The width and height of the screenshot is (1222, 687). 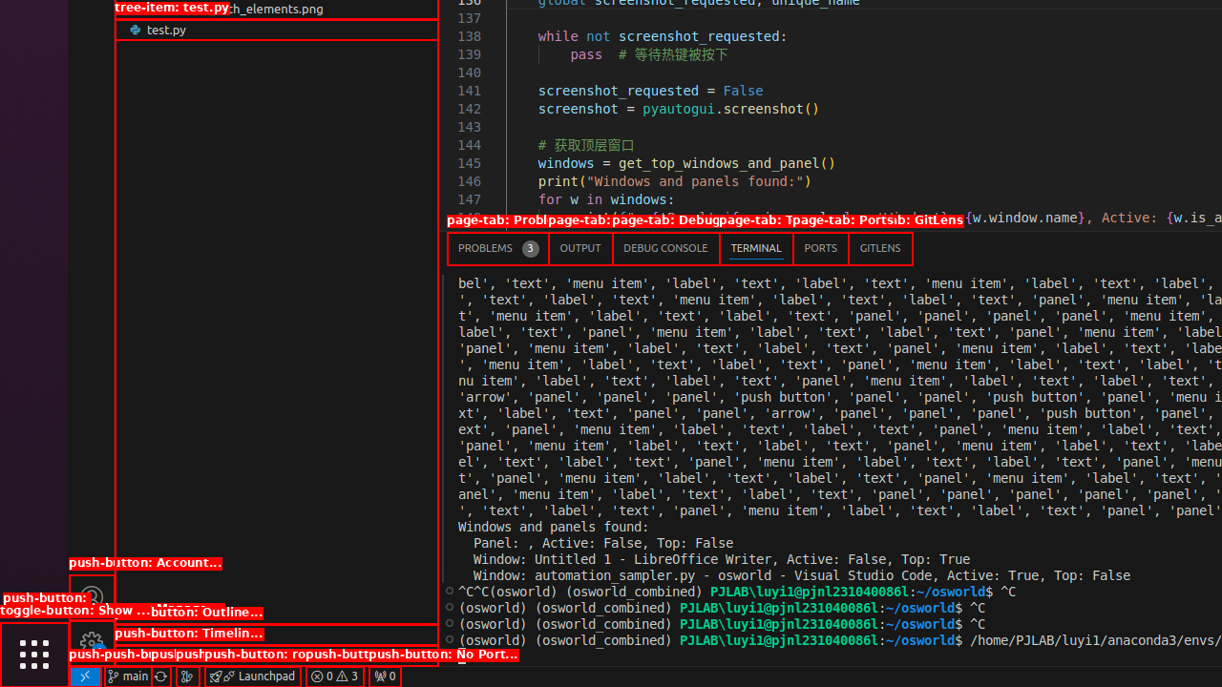 I want to click on 'GitLens', so click(x=878, y=247).